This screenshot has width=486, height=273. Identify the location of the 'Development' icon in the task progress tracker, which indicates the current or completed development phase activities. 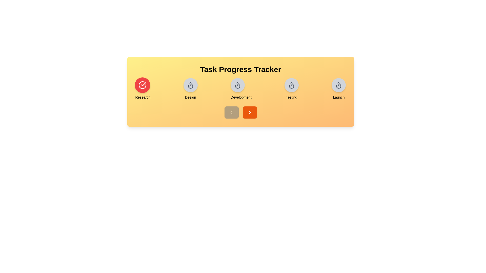
(237, 85).